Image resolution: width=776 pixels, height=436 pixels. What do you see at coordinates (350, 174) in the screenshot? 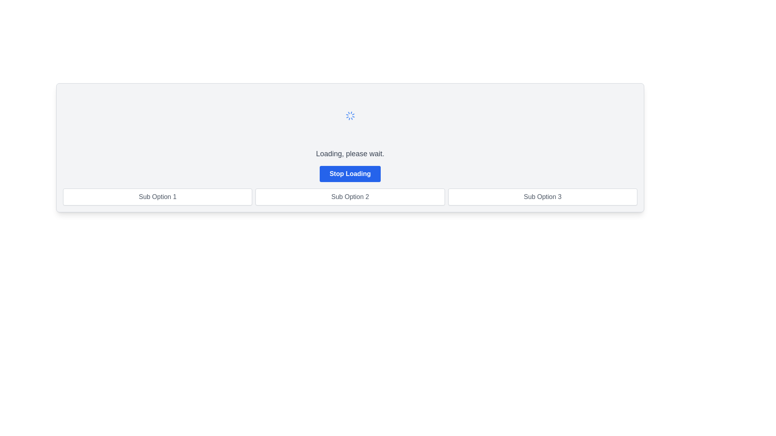
I see `the 'Stop' button that is centrally positioned beneath the text 'Loading, please wait.' to halt the ongoing loading process` at bounding box center [350, 174].